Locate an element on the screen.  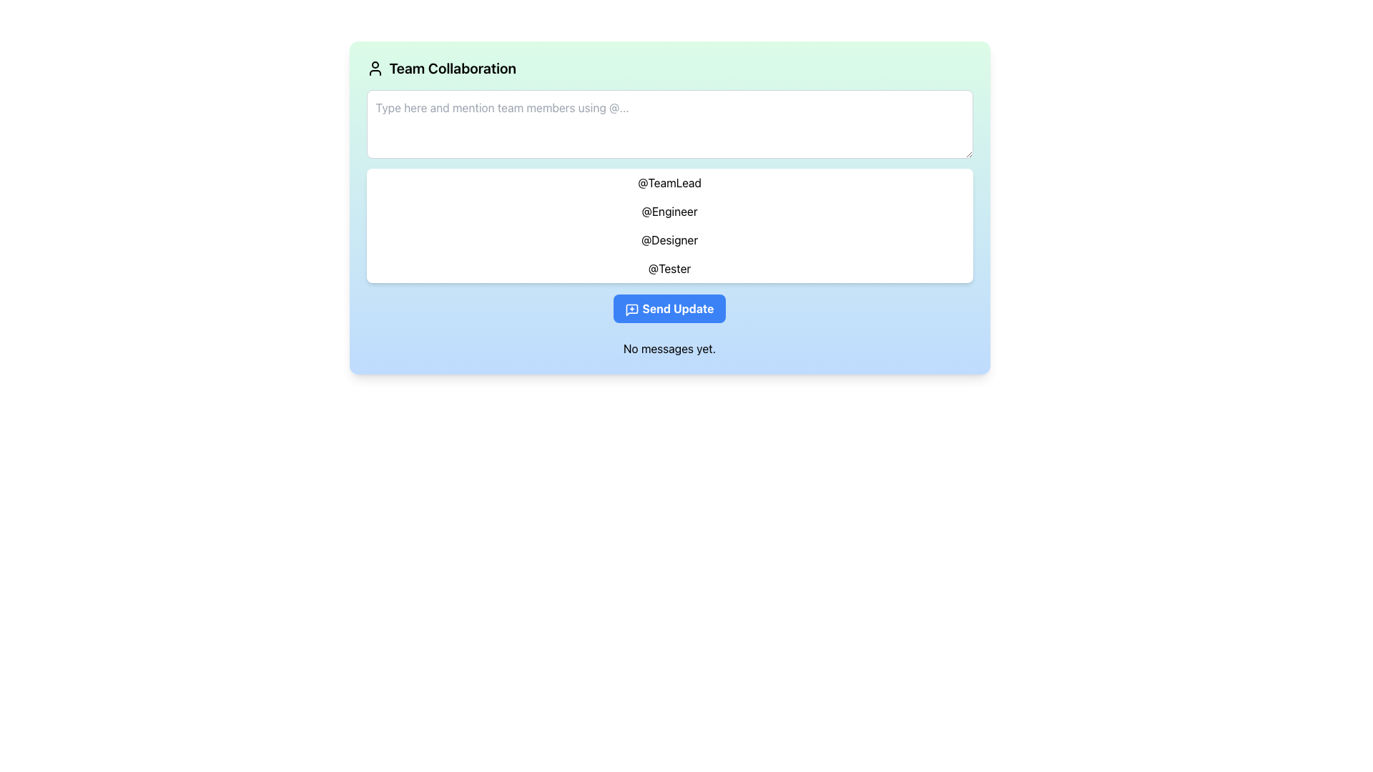
the static text displaying 'No messages yet.' located at the bottom of the panel, below the 'Send Update' button is located at coordinates (669, 349).